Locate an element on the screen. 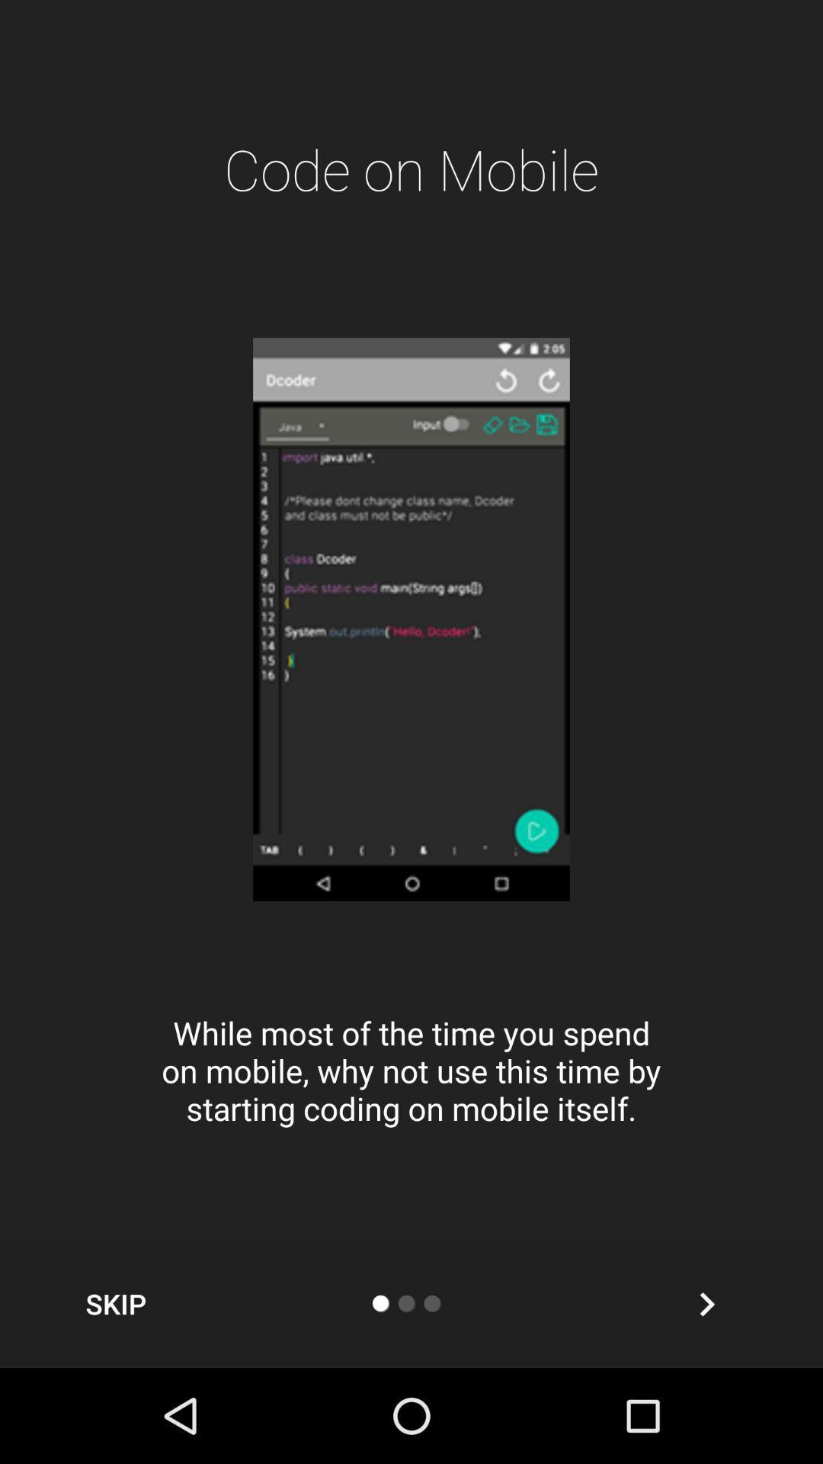  skip is located at coordinates (115, 1303).